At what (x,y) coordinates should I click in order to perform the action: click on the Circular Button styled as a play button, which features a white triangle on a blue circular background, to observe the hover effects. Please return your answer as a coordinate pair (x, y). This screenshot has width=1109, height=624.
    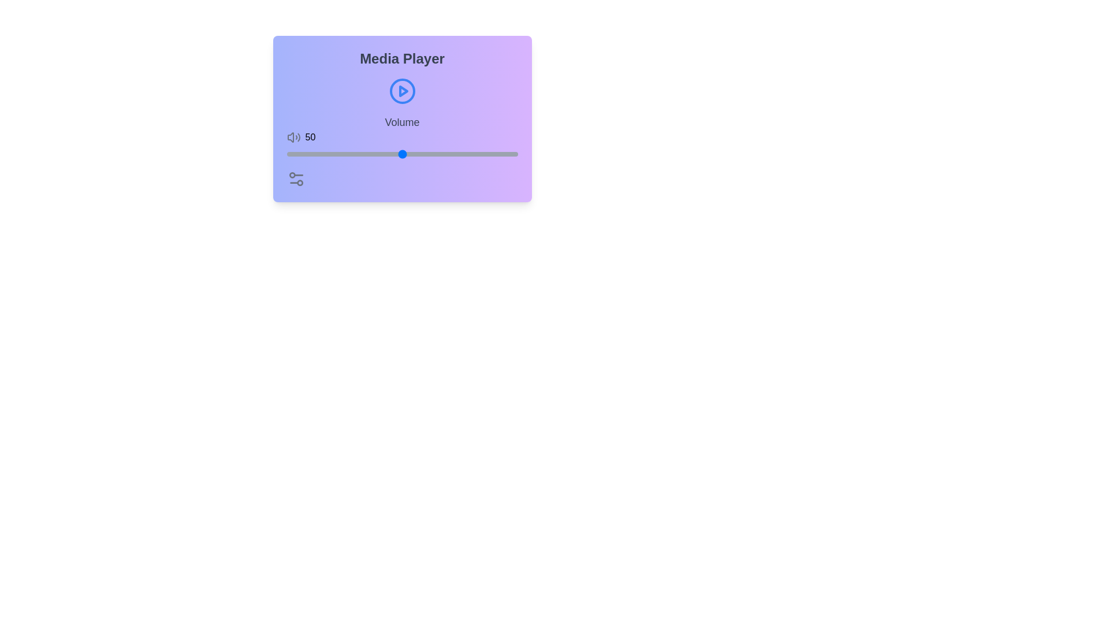
    Looking at the image, I should click on (402, 91).